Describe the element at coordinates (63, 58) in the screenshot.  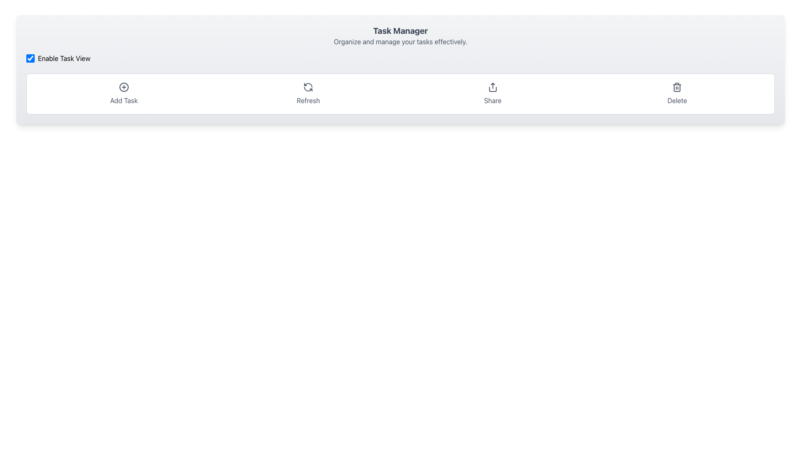
I see `the text label that reads 'Enable Task View', which is styled in black text on a white background and is located near a checkbox` at that location.